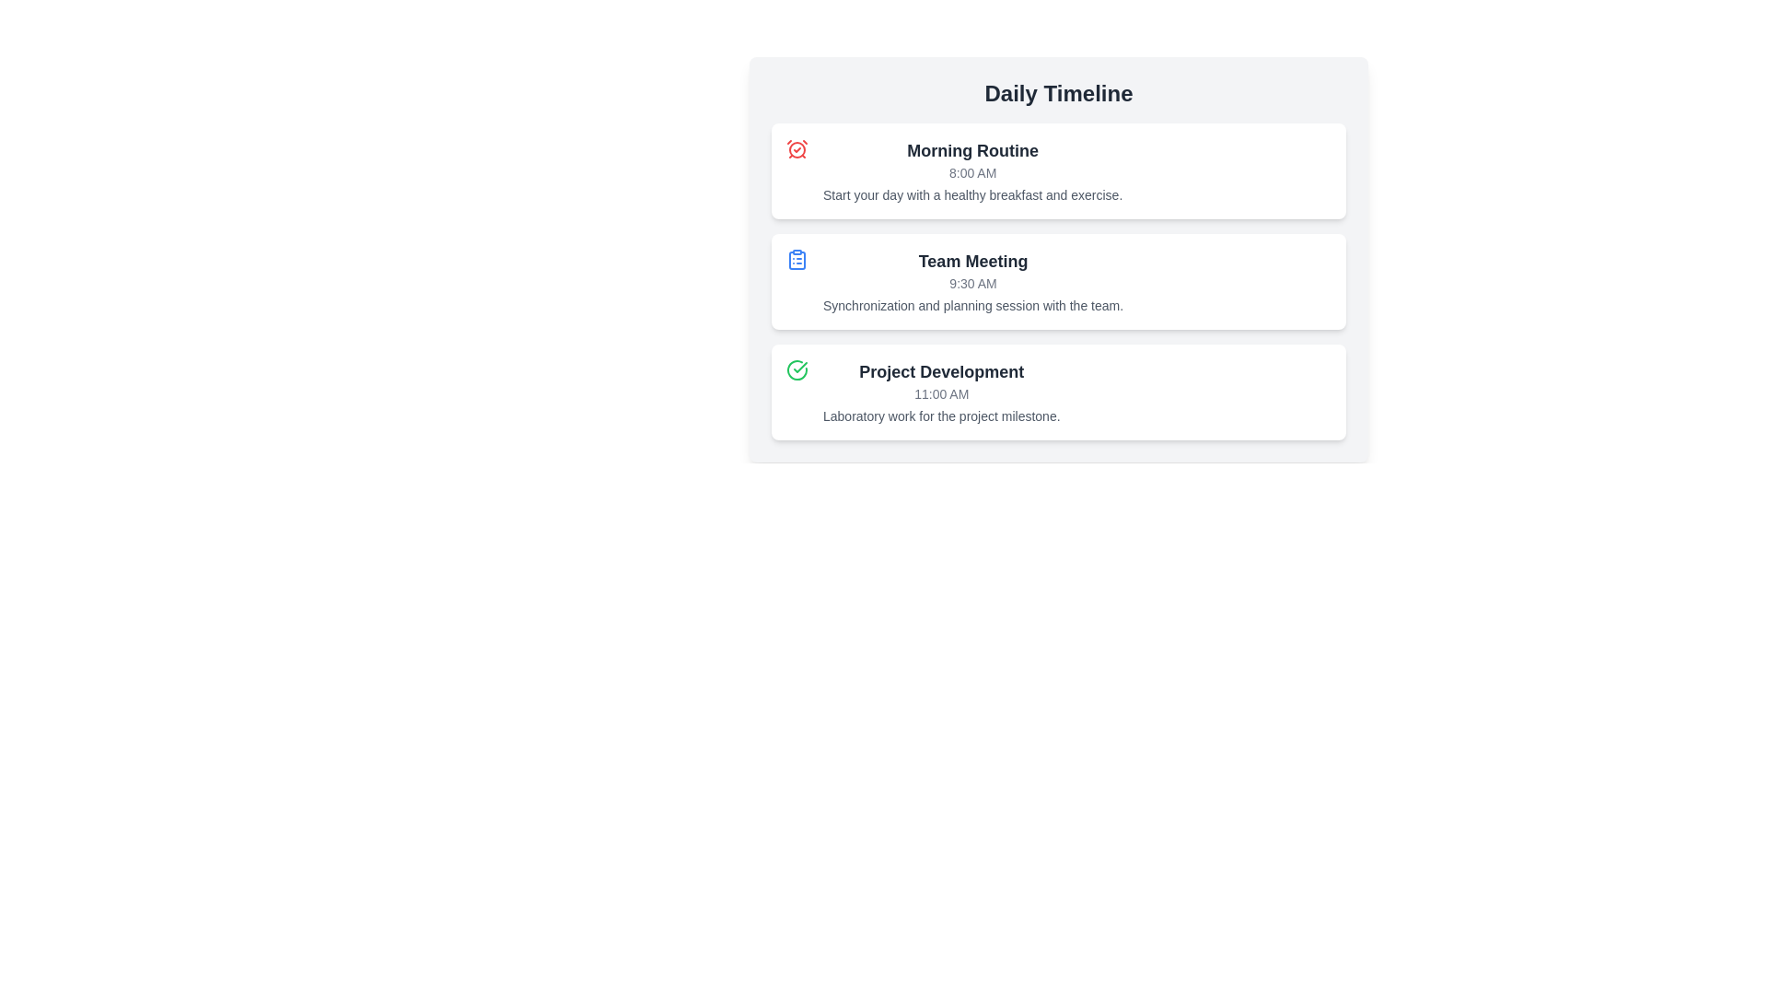 This screenshot has width=1768, height=995. I want to click on the title Text Element located in the second event card, which provides an overview of the event's subject, so click(971, 262).